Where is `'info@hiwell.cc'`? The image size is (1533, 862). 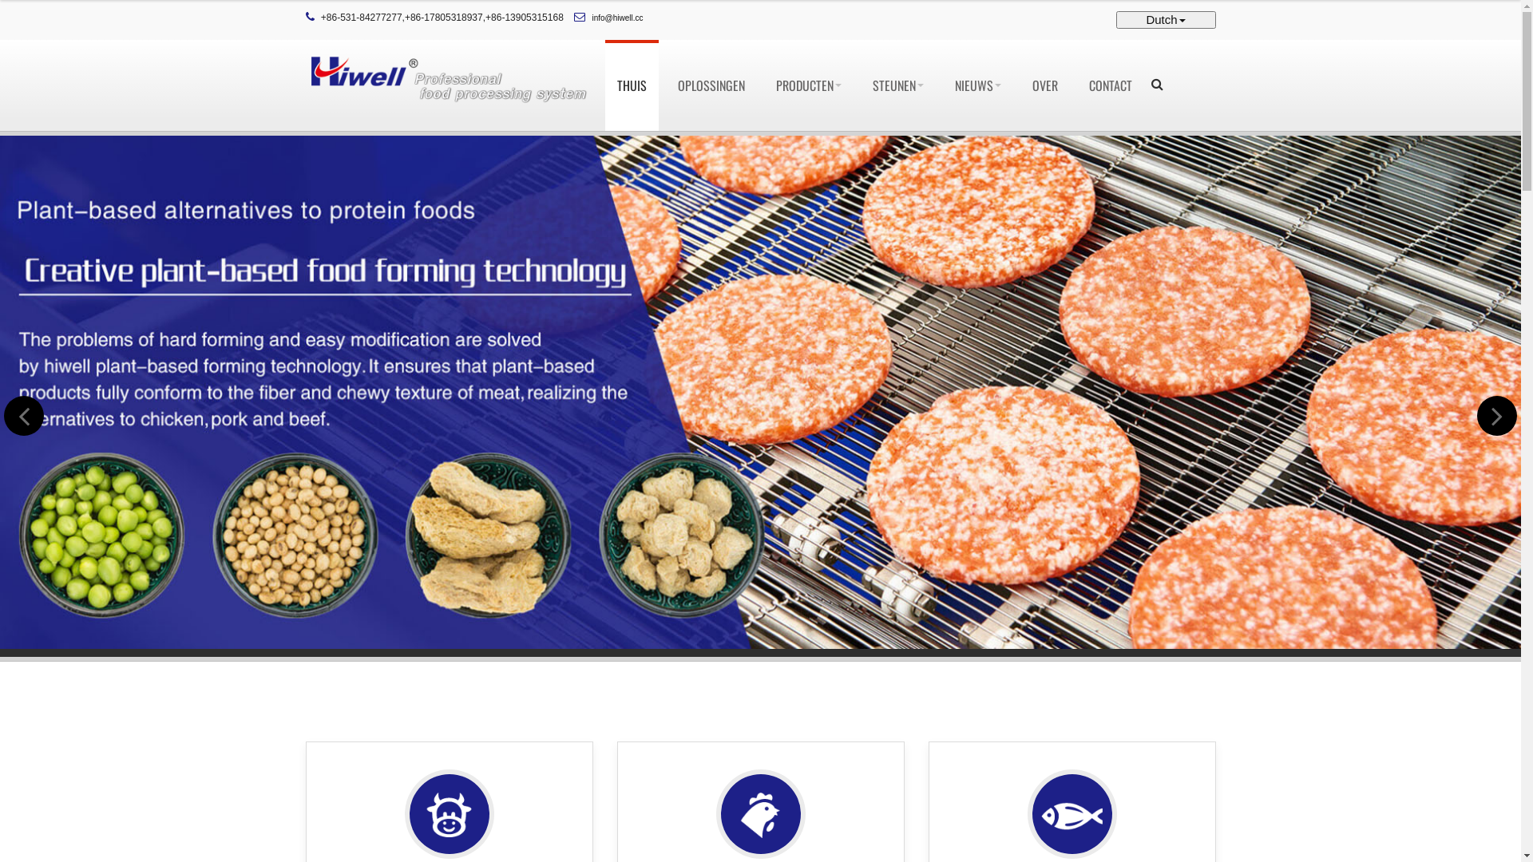 'info@hiwell.cc' is located at coordinates (616, 18).